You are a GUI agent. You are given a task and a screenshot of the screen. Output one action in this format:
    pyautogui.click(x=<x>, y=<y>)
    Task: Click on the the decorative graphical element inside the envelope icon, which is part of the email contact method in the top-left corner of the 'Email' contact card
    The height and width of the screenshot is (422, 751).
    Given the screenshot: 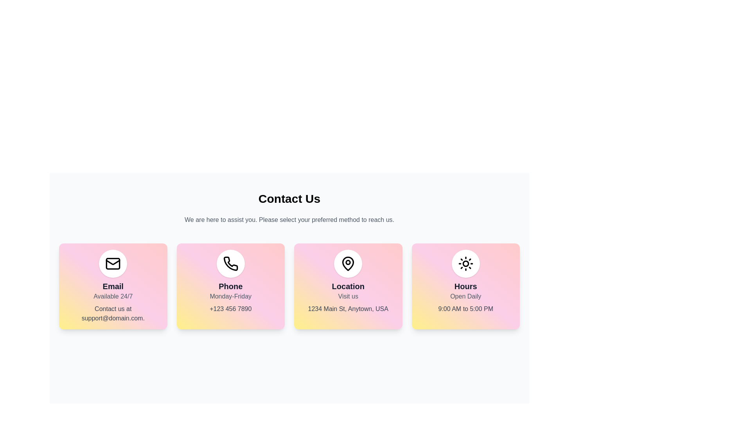 What is the action you would take?
    pyautogui.click(x=113, y=264)
    